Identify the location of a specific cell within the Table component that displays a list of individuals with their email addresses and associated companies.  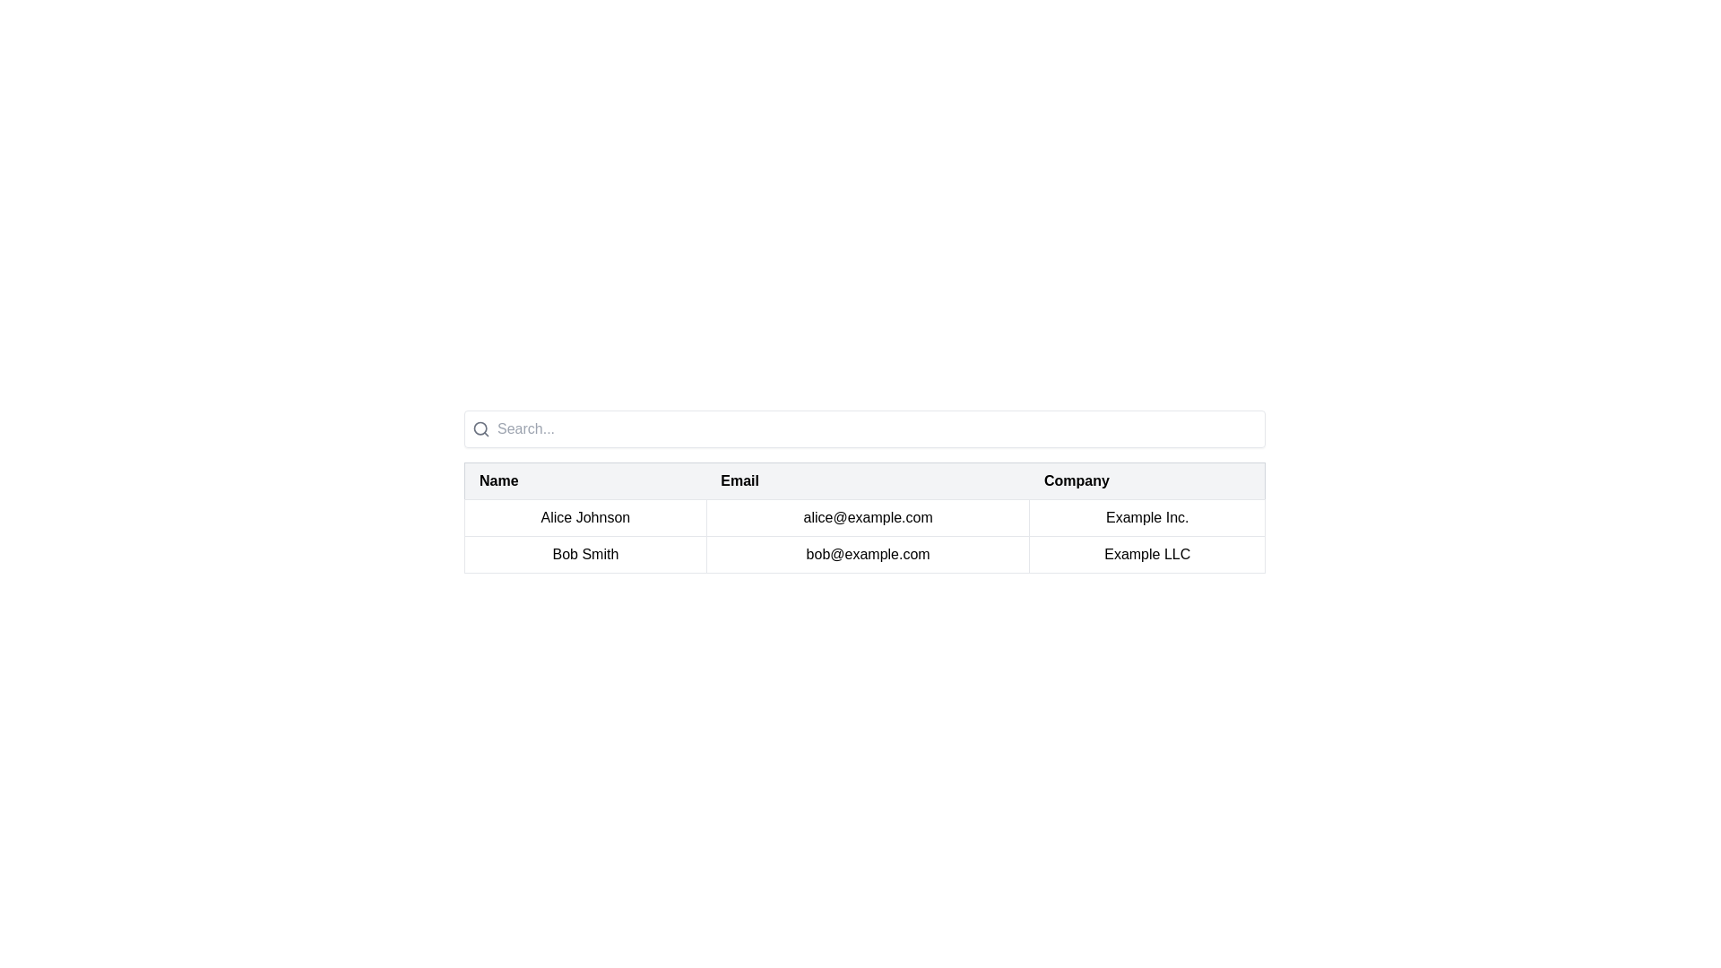
(864, 491).